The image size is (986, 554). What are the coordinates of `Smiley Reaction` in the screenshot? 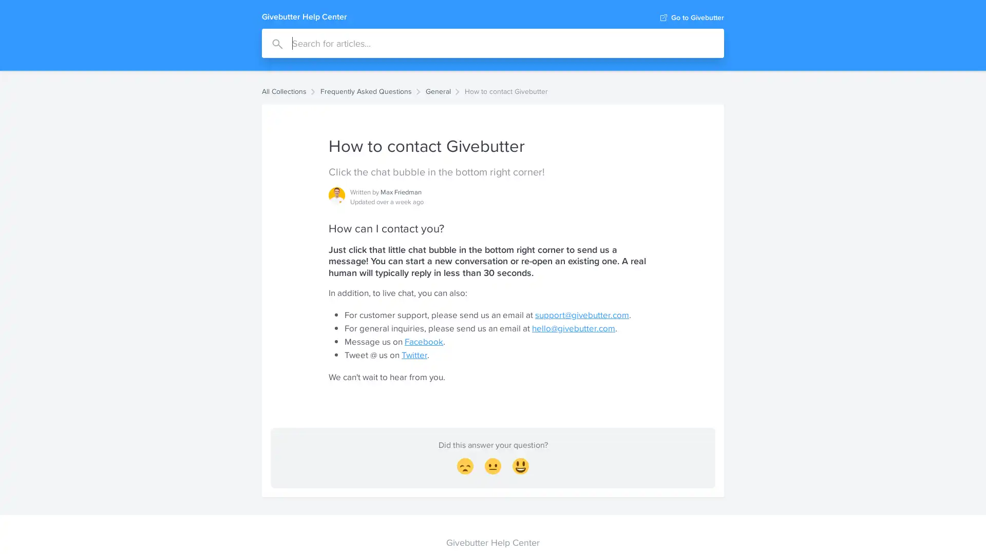 It's located at (520, 467).